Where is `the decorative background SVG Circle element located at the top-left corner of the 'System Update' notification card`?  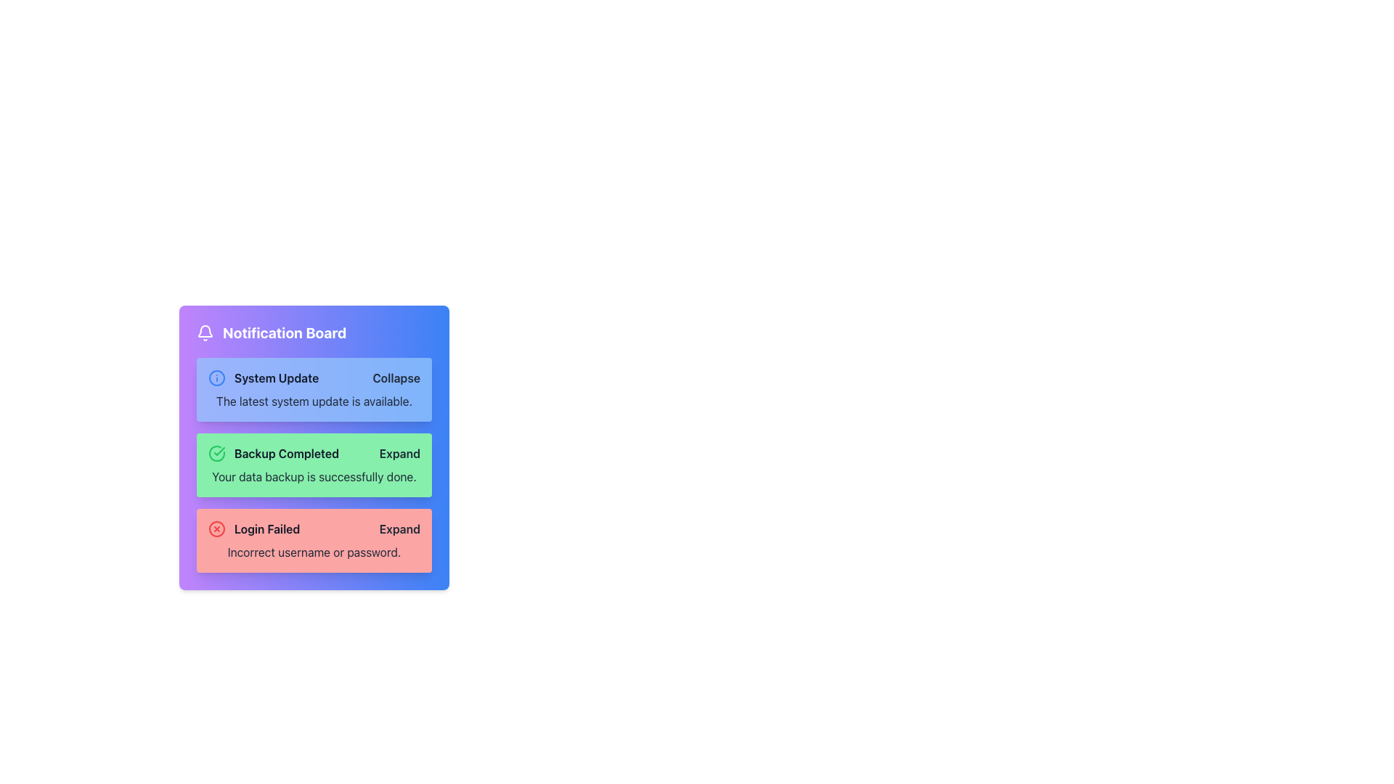 the decorative background SVG Circle element located at the top-left corner of the 'System Update' notification card is located at coordinates (216, 377).